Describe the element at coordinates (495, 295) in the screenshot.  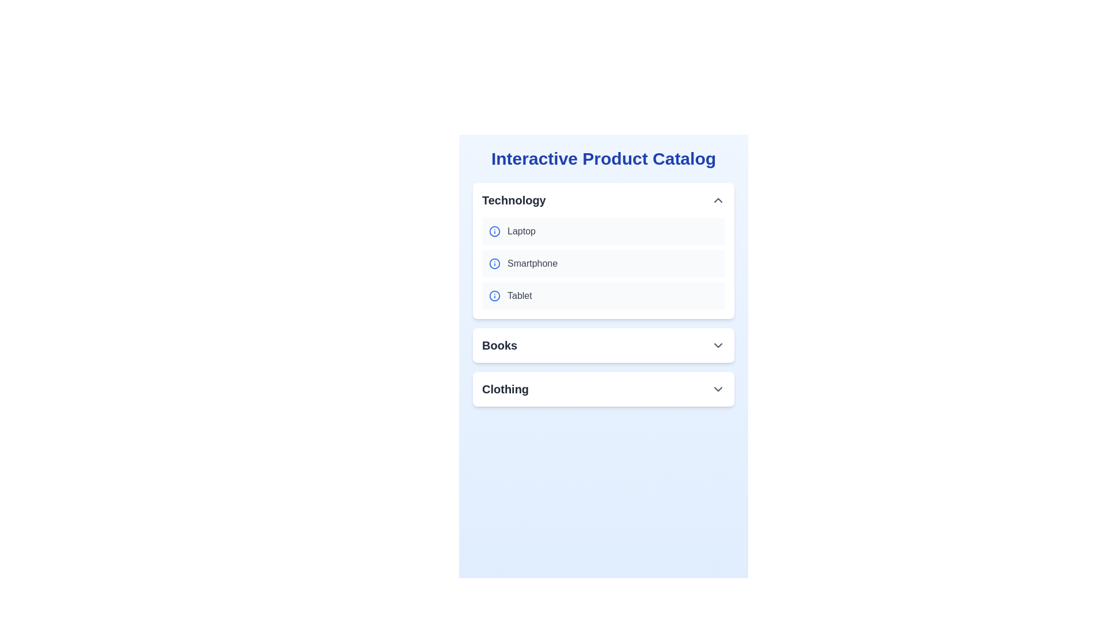
I see `the information Icon located to the left of the text 'Tablet'` at that location.